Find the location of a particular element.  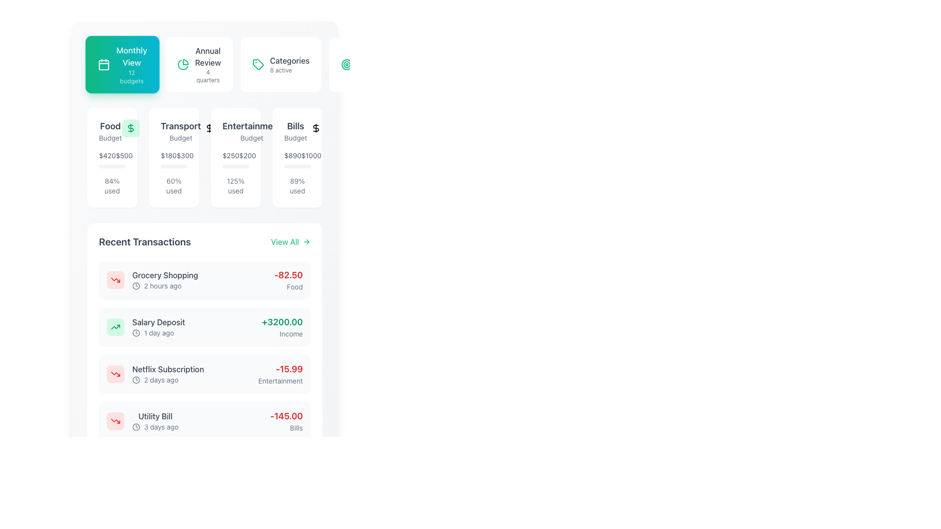

the 'View All' hyperlink, which is styled in green and located on the right side of the 'Recent Transactions' section is located at coordinates (290, 241).